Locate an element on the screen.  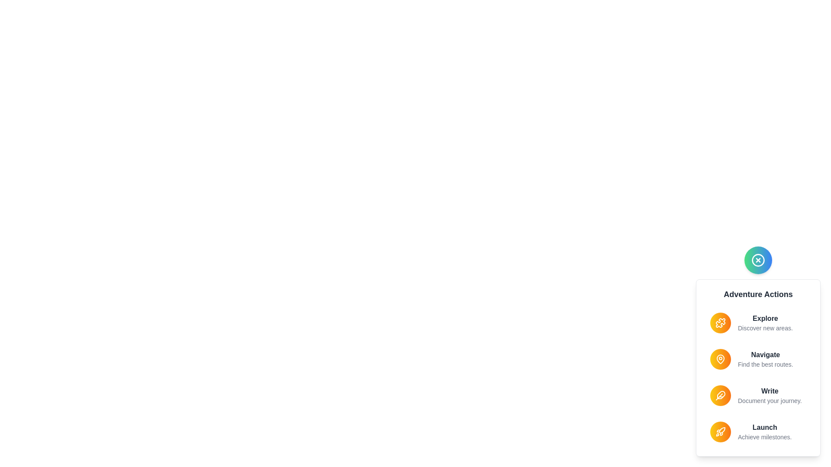
floating action button to toggle the speed dial menu is located at coordinates (758, 259).